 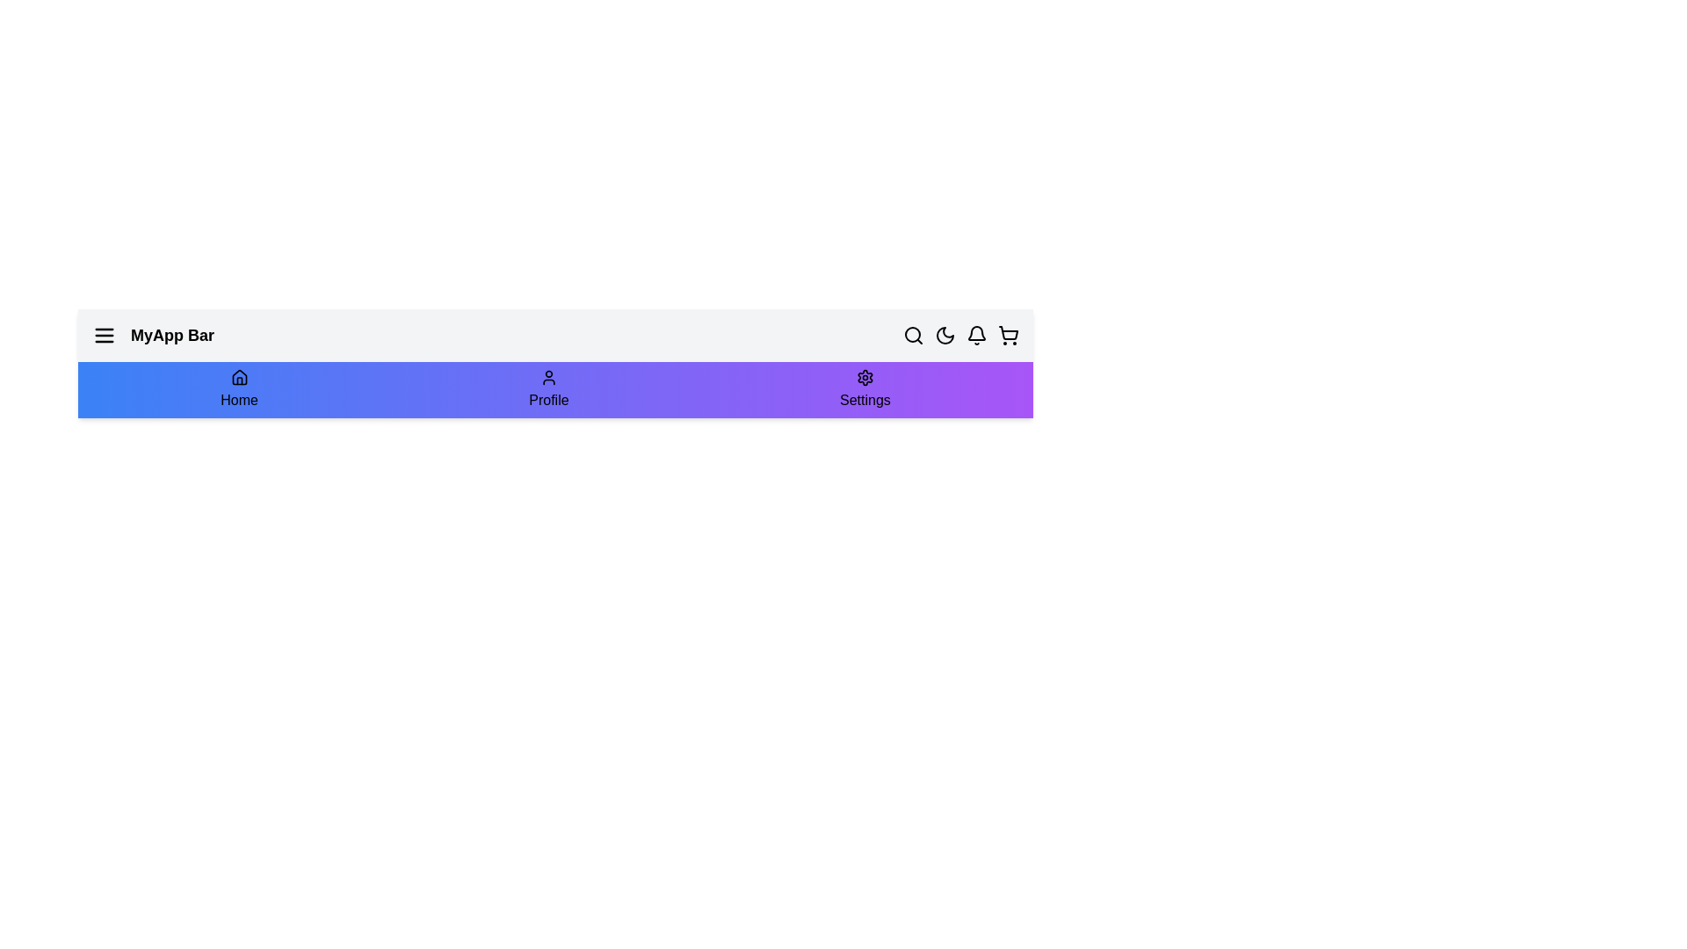 What do you see at coordinates (547, 388) in the screenshot?
I see `the Profile icon to navigate to the Profile page` at bounding box center [547, 388].